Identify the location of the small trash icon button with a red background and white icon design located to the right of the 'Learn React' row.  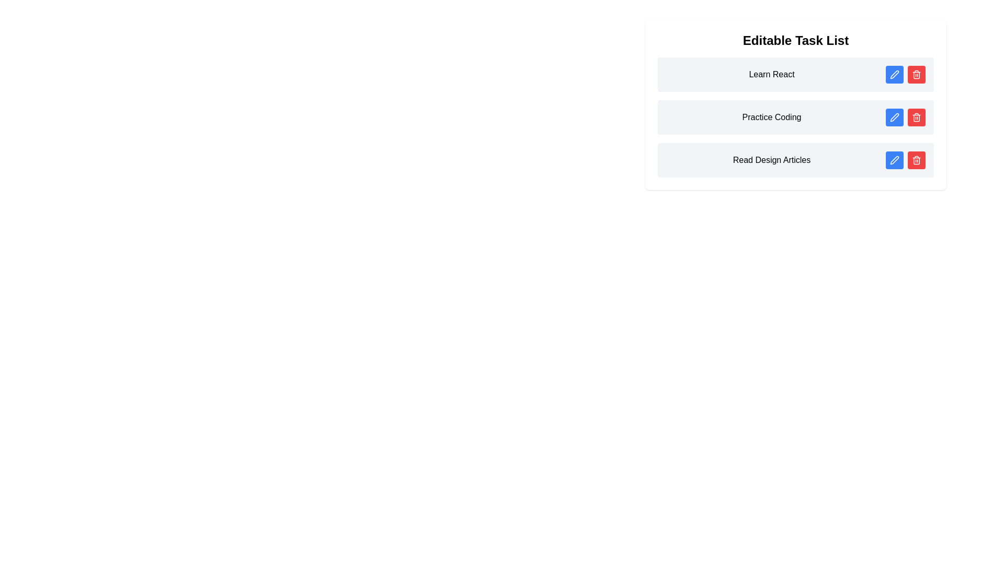
(916, 74).